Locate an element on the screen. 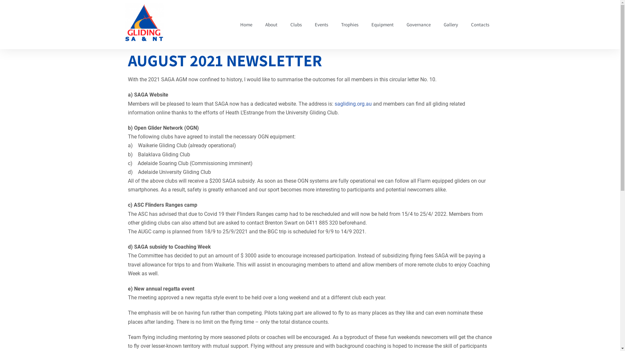  'Home' is located at coordinates (246, 24).